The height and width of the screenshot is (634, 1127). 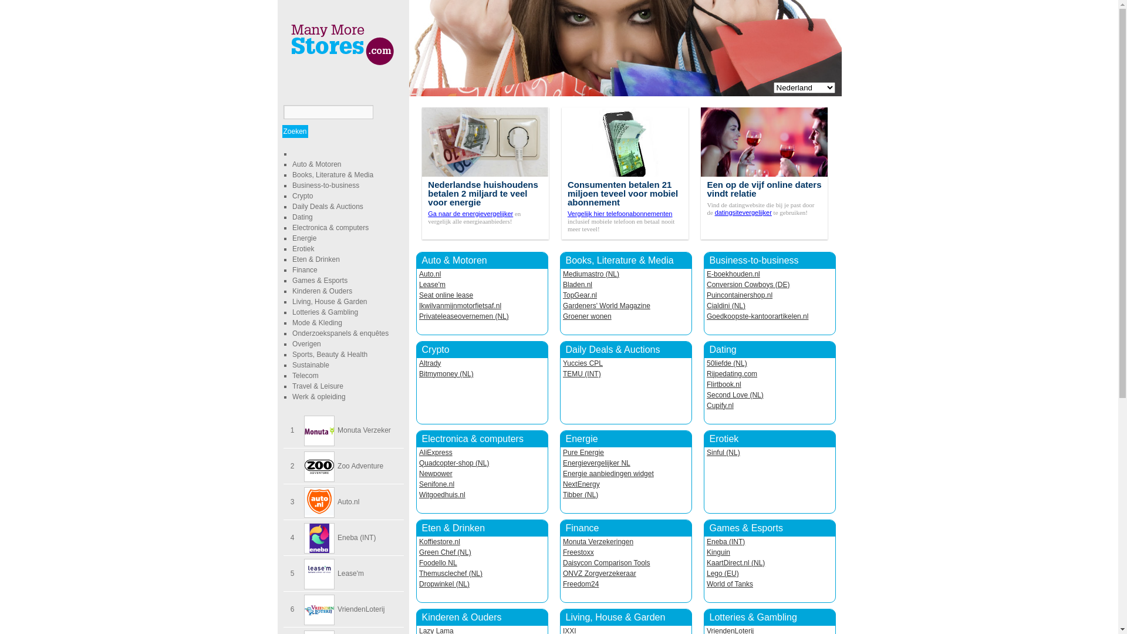 What do you see at coordinates (292, 343) in the screenshot?
I see `'Overigen'` at bounding box center [292, 343].